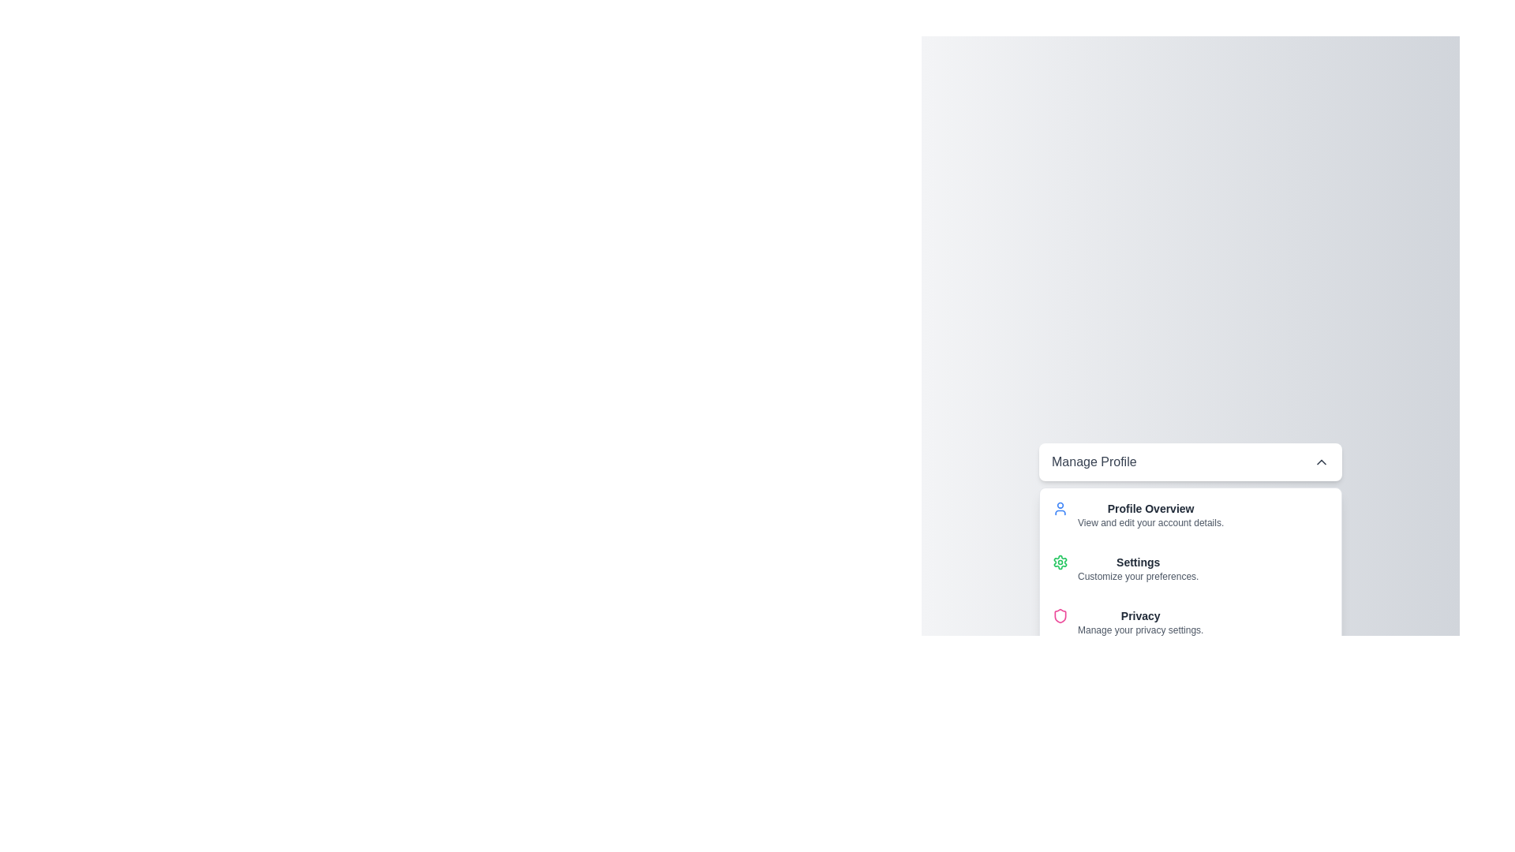  I want to click on the third item in the dropdown menu titled 'Manage Profile' that provides information about privacy settings, so click(1140, 622).